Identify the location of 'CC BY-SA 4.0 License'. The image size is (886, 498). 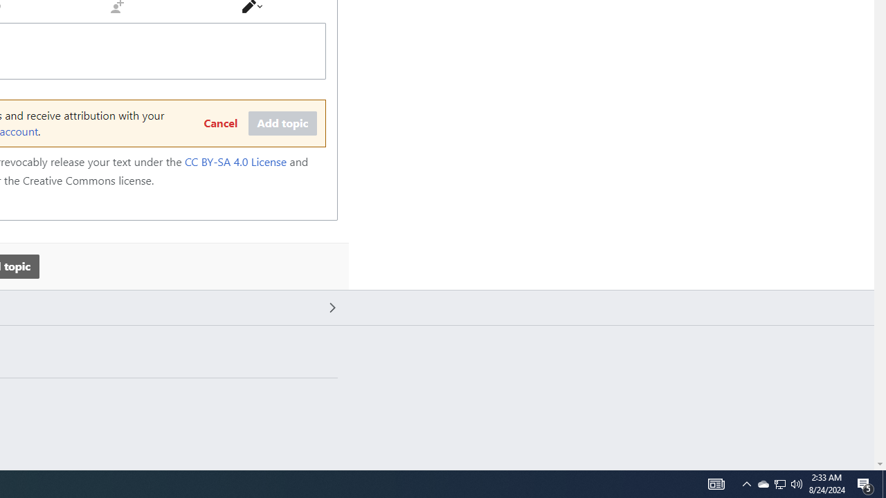
(235, 161).